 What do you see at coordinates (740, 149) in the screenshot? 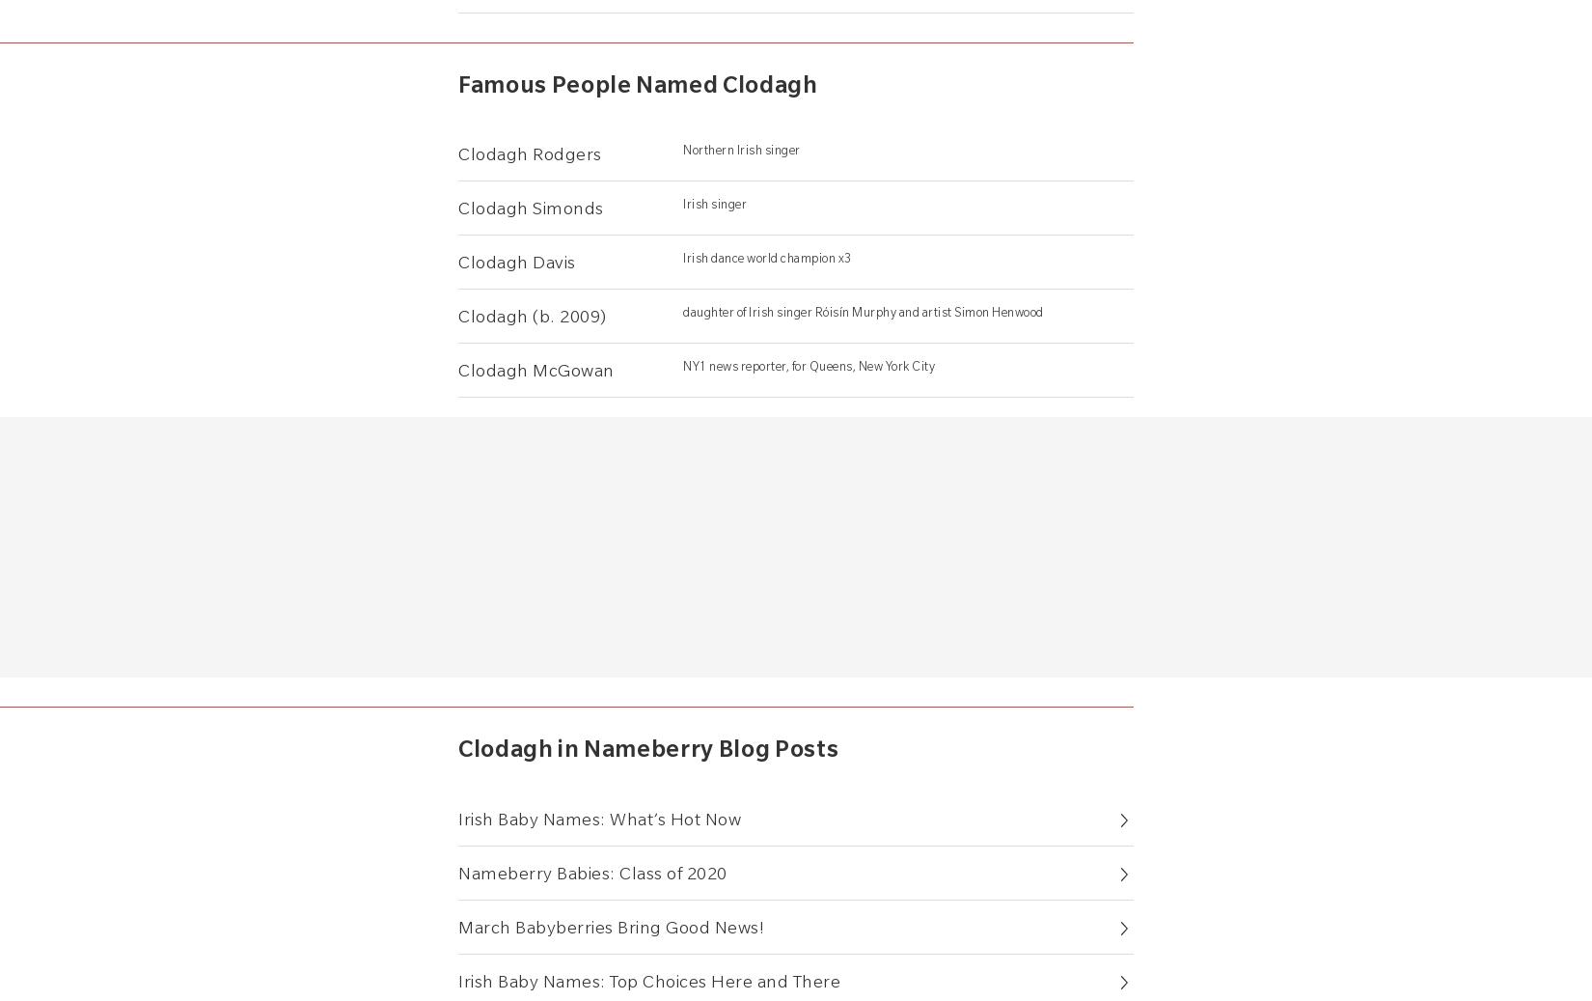
I see `'Northern Irish singer'` at bounding box center [740, 149].